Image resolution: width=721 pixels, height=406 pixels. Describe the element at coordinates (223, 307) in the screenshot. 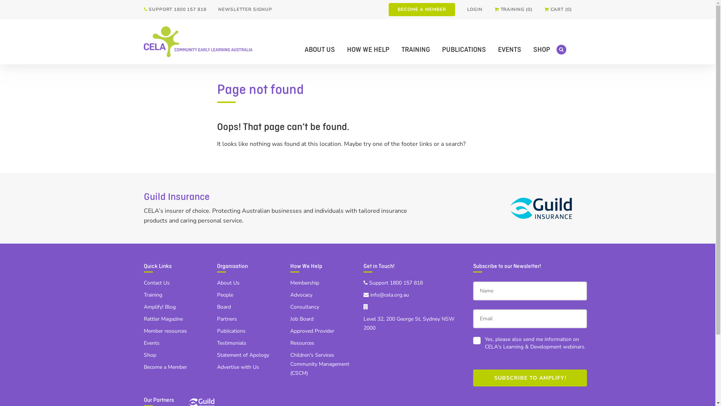

I see `'Board'` at that location.